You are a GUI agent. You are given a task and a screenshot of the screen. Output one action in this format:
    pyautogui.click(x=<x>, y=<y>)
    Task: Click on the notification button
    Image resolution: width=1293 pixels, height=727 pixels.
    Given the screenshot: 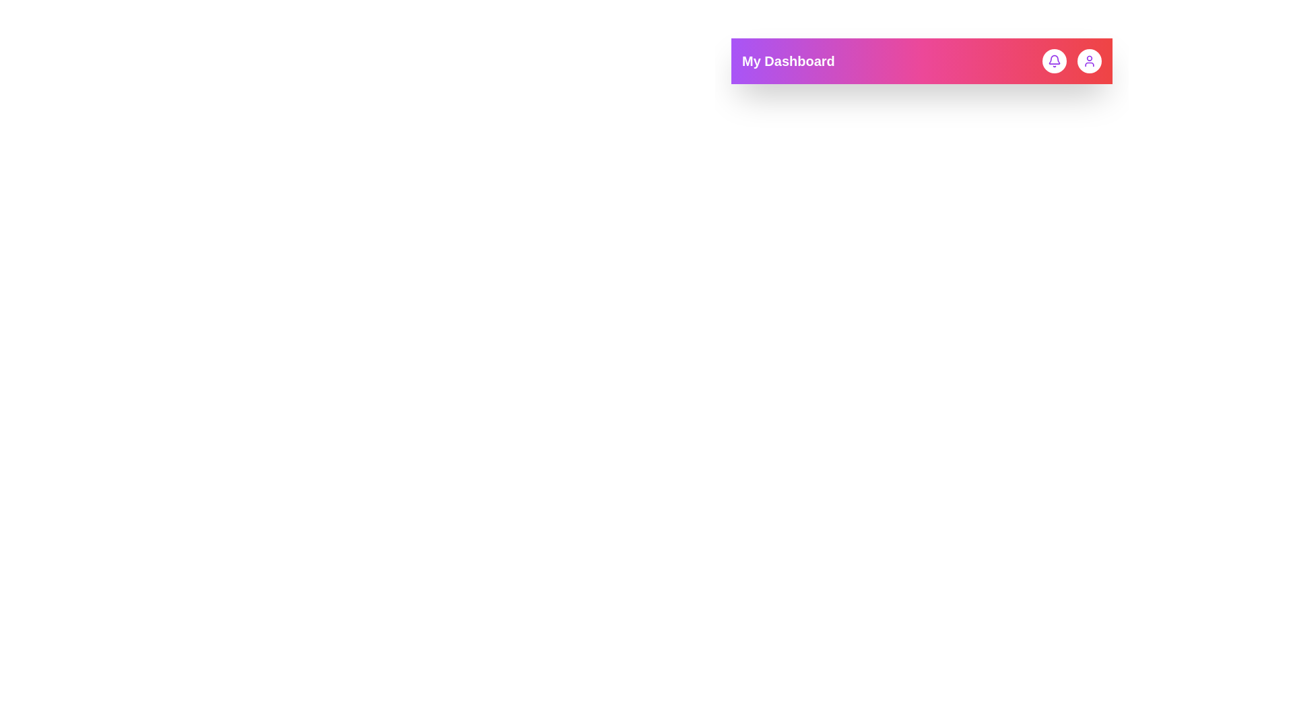 What is the action you would take?
    pyautogui.click(x=1053, y=61)
    